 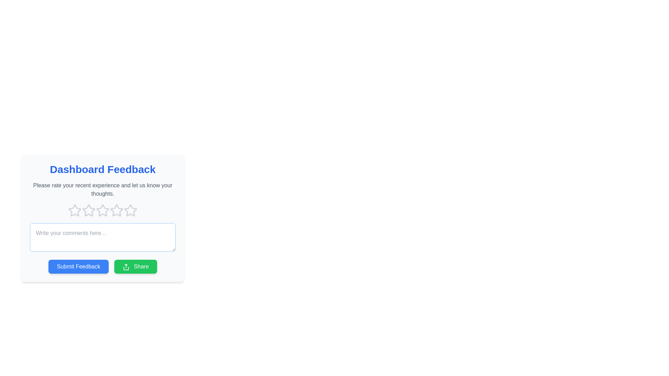 What do you see at coordinates (130, 210) in the screenshot?
I see `the fifth star-shaped icon in the group of five stars to trigger a visual scaling effect` at bounding box center [130, 210].